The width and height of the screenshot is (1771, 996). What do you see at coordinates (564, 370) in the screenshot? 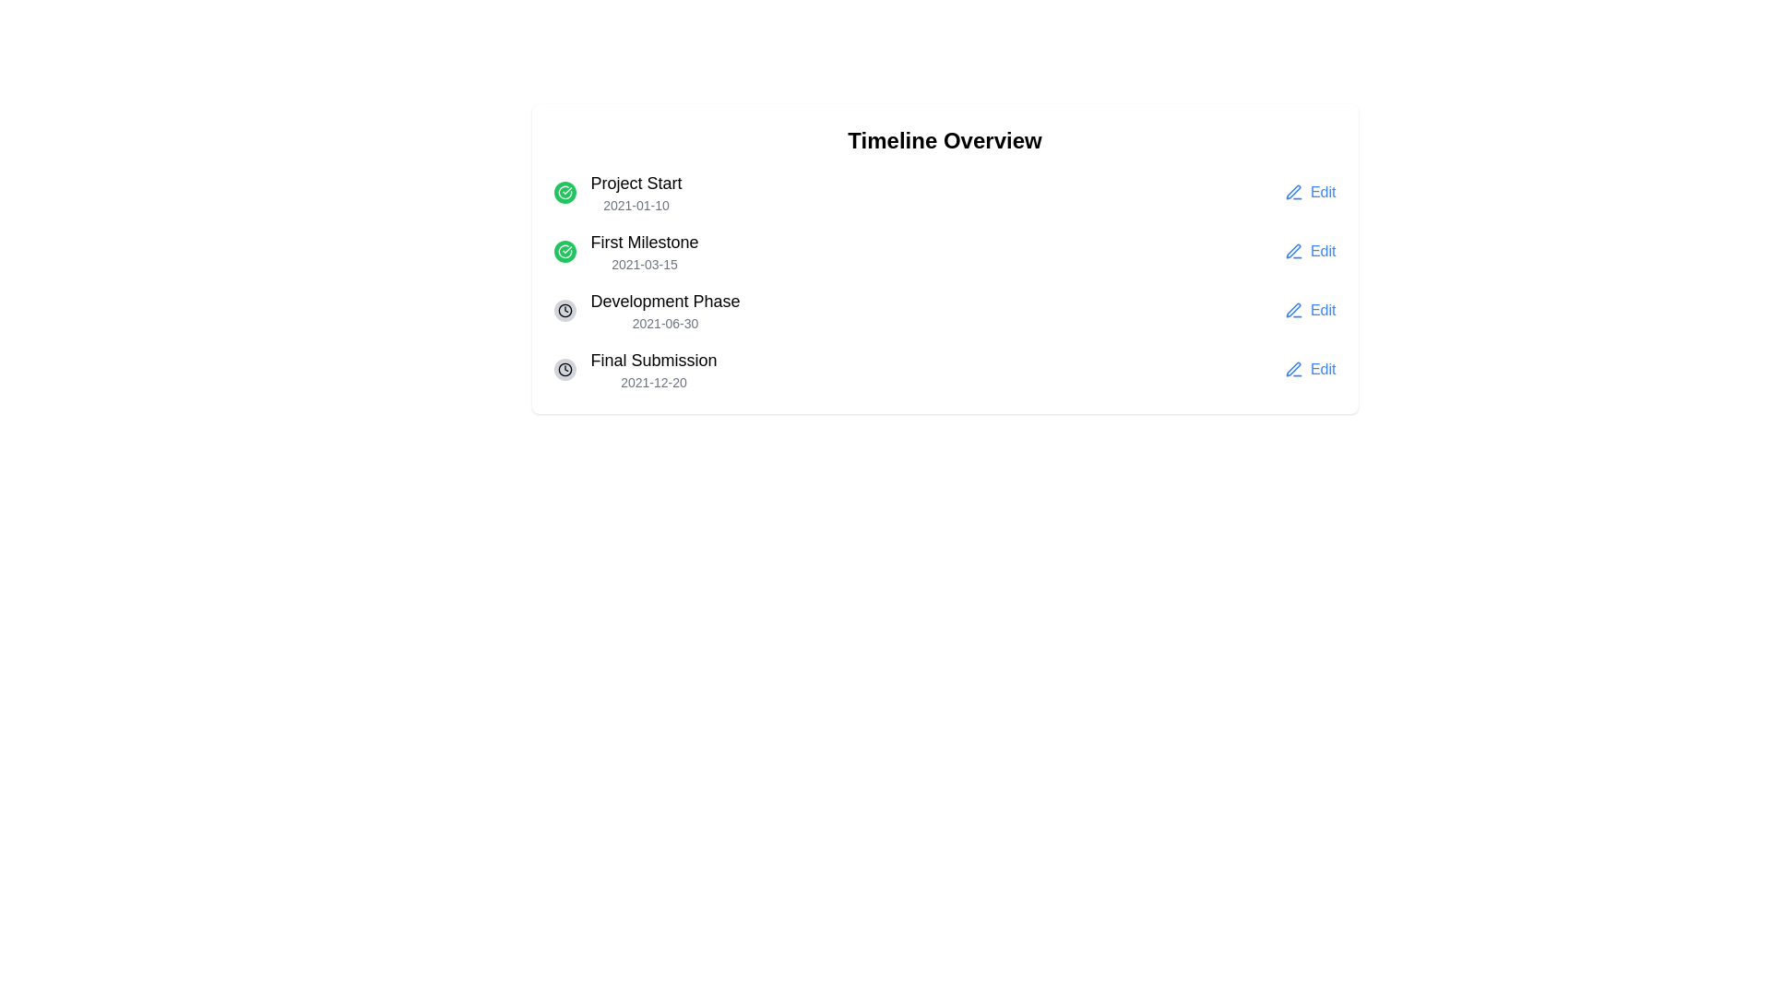
I see `the circular gray icon with a clock symbol that indicates 'Final Submission' and is located at the leftmost side of the row` at bounding box center [564, 370].